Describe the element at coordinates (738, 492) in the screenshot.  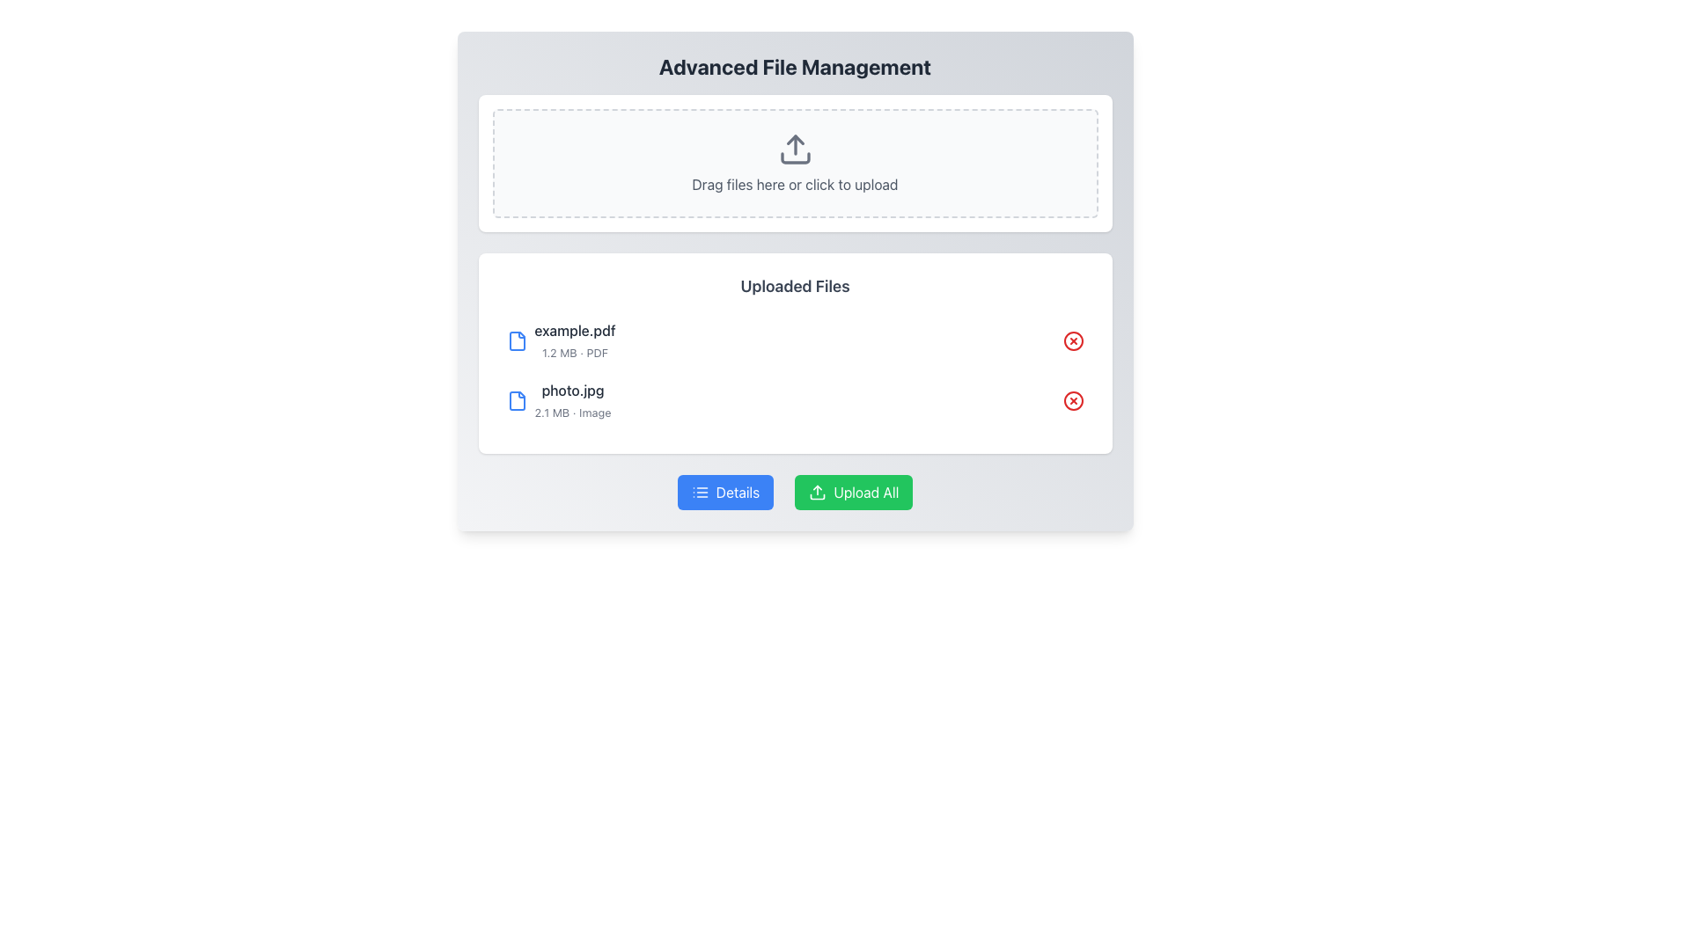
I see `the 'Details' text on the blue rounded button located below the uploaded files section` at that location.